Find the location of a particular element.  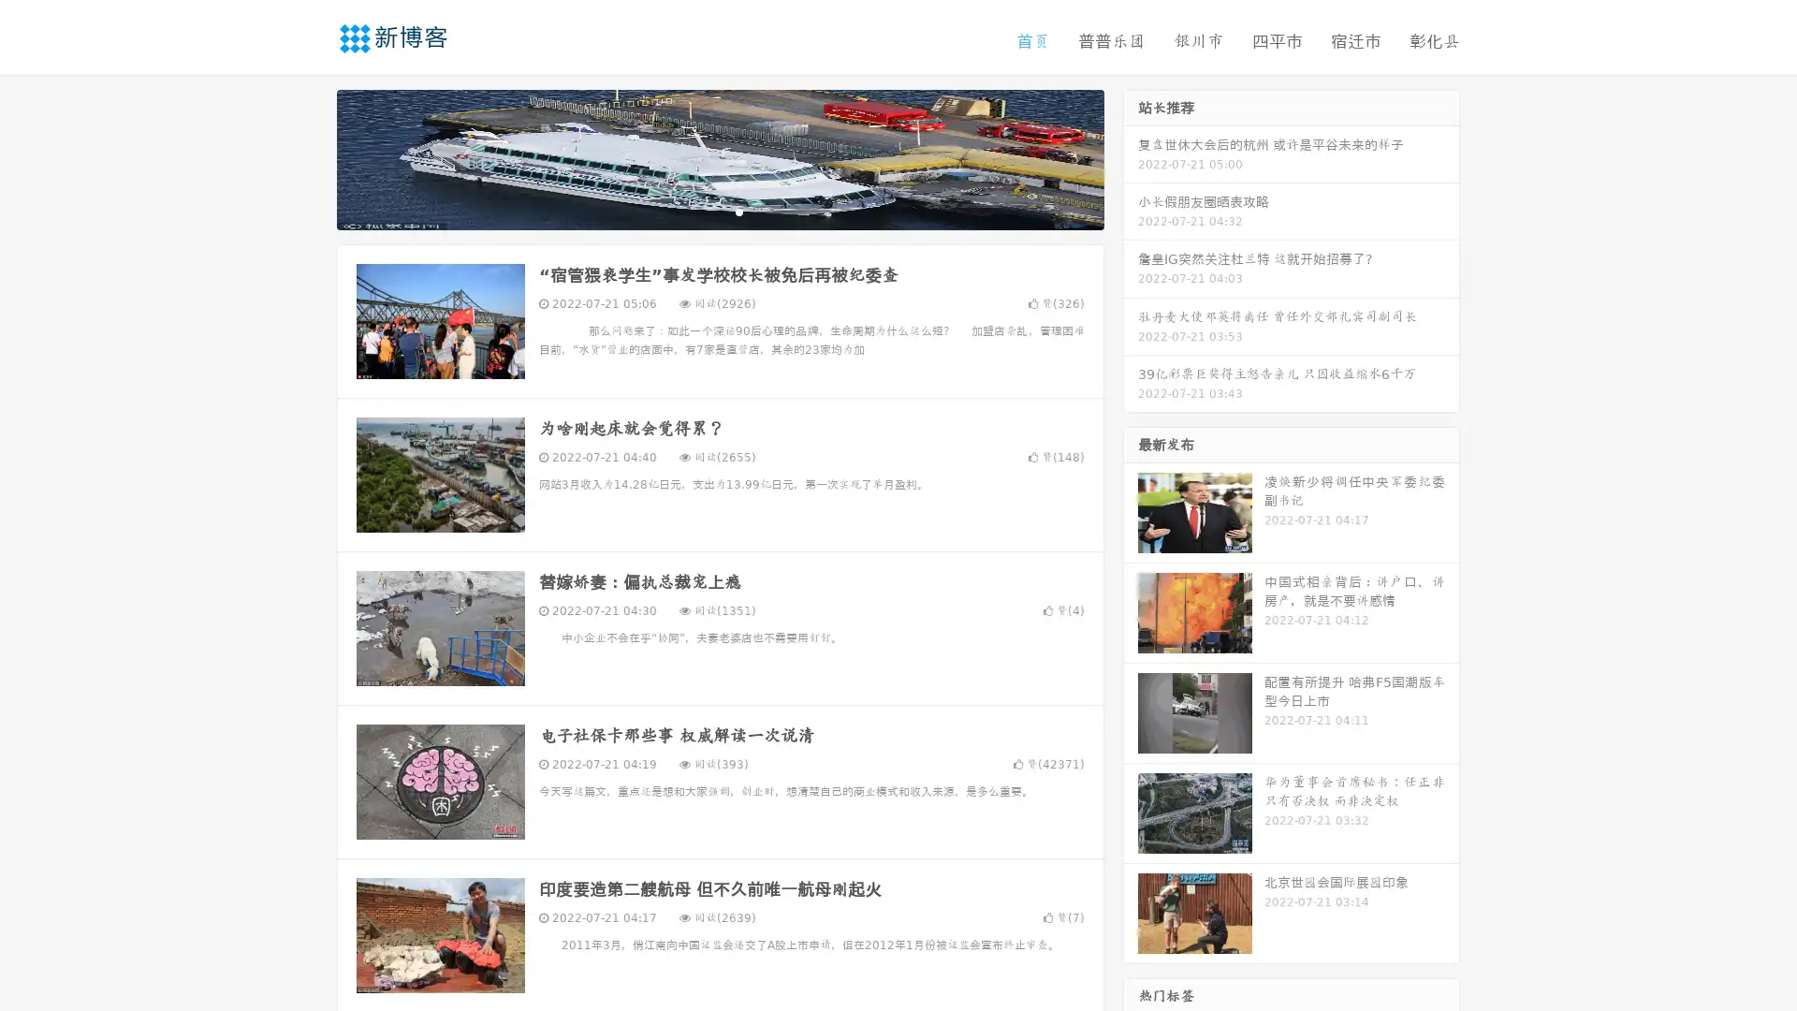

Next slide is located at coordinates (1131, 157).